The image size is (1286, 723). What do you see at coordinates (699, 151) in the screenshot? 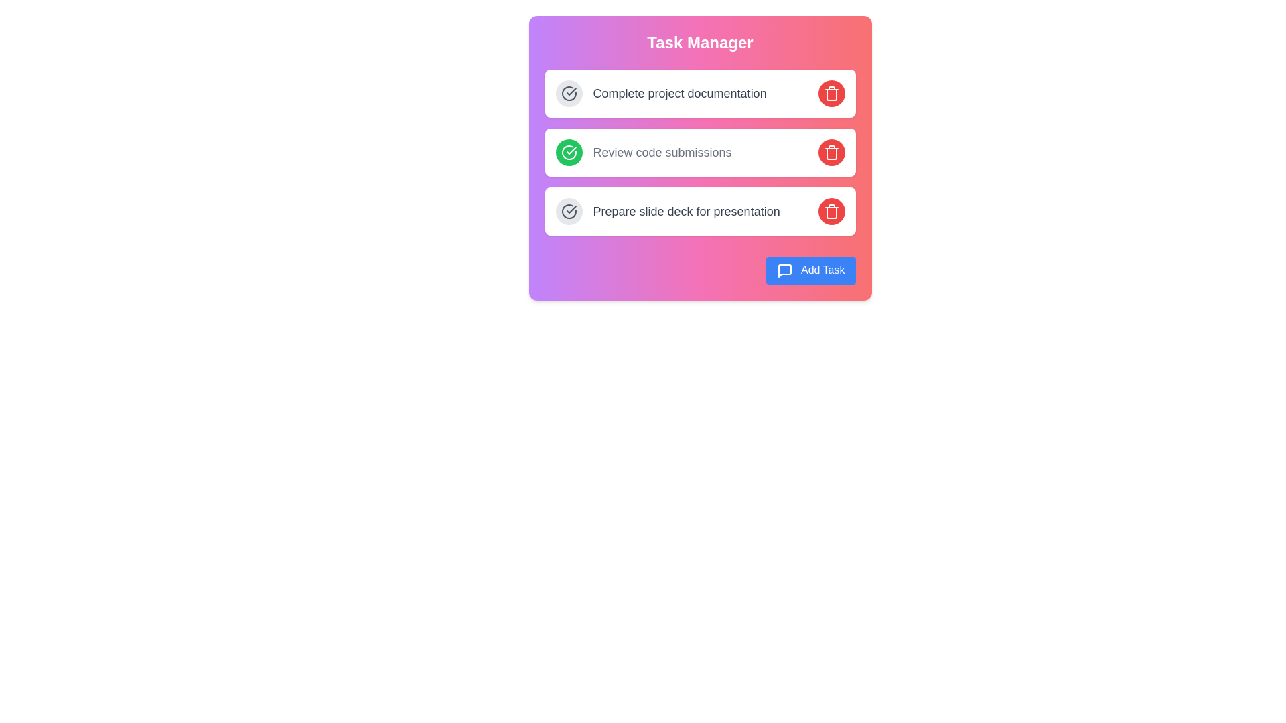
I see `the green check icon on the completed task item card in the Task Manager to mark the task as complete` at bounding box center [699, 151].